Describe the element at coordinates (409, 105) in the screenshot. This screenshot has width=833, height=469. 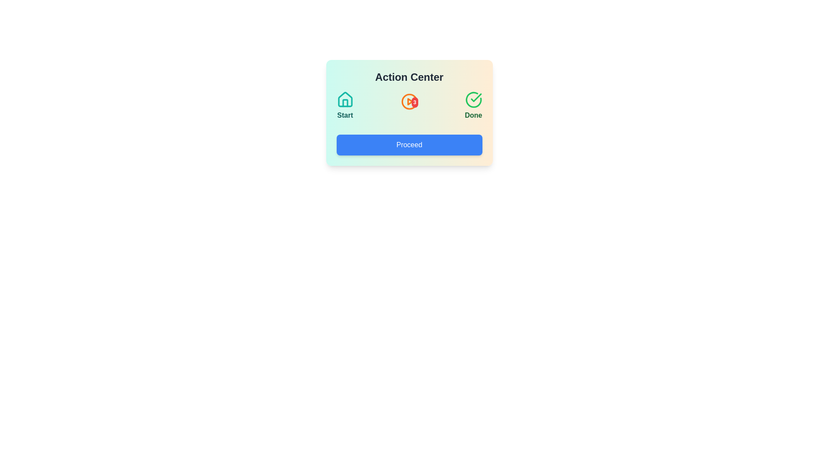
I see `the middle interactive element marked with the text '3', which features an orange circular symbol with a bouncing play icon and a red badge displaying the number '3', to interact or proceed to the next step` at that location.